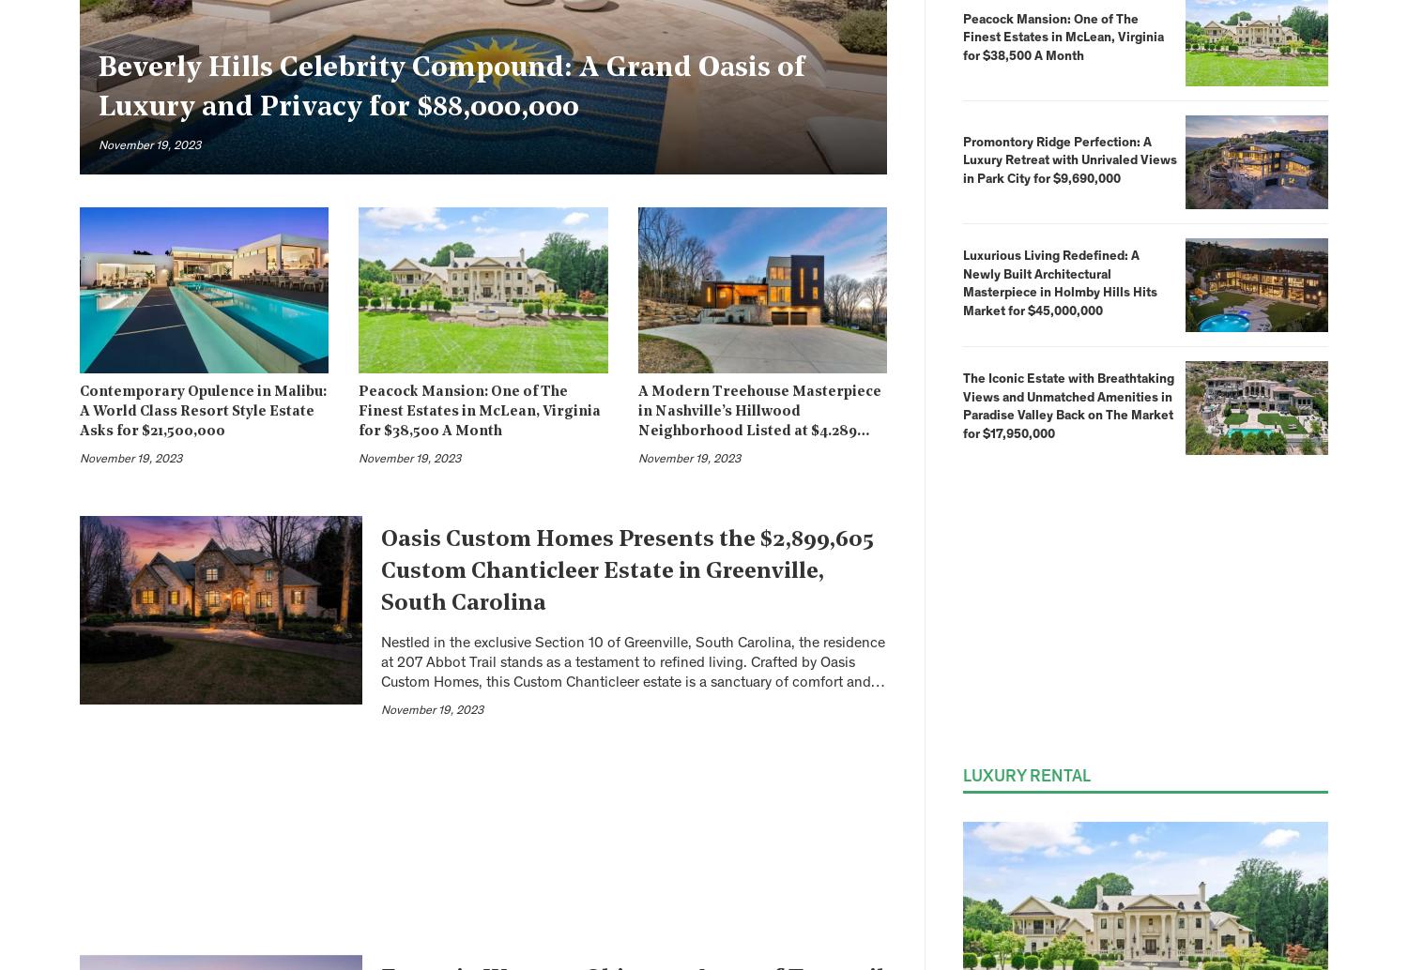 The width and height of the screenshot is (1408, 970). Describe the element at coordinates (627, 571) in the screenshot. I see `'Oasis Custom Homes Presents the $2,899,605 Custom Chanticleer Estate in Greenville, South Carolina'` at that location.